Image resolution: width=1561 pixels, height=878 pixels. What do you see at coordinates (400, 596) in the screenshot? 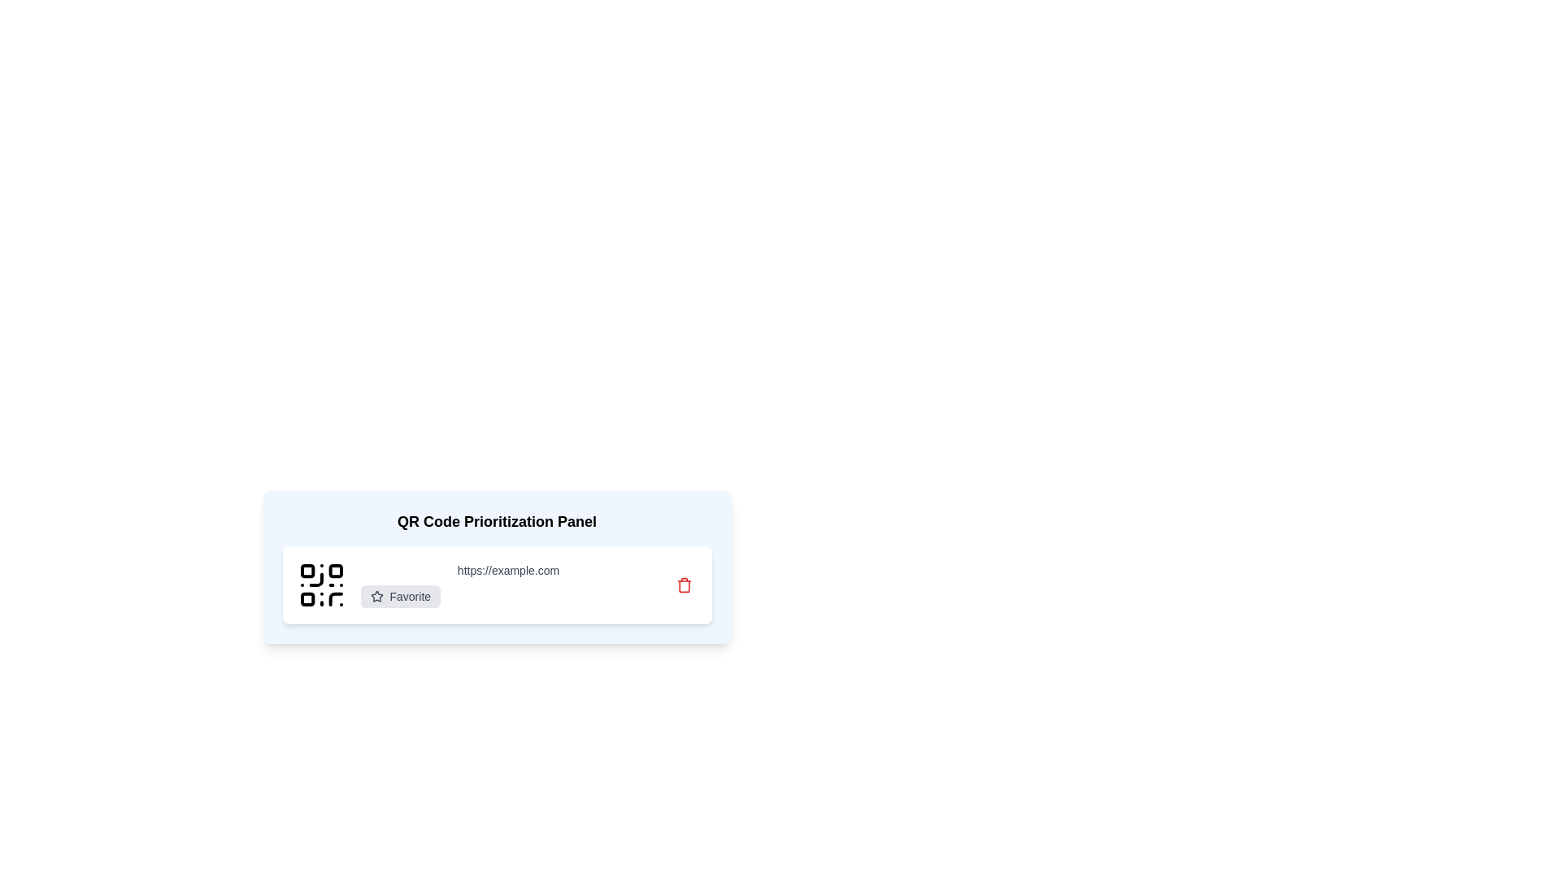
I see `the button located on the right side of the QR code and below the URL 'https://example.com' to mark the associated item as a favorite` at bounding box center [400, 596].